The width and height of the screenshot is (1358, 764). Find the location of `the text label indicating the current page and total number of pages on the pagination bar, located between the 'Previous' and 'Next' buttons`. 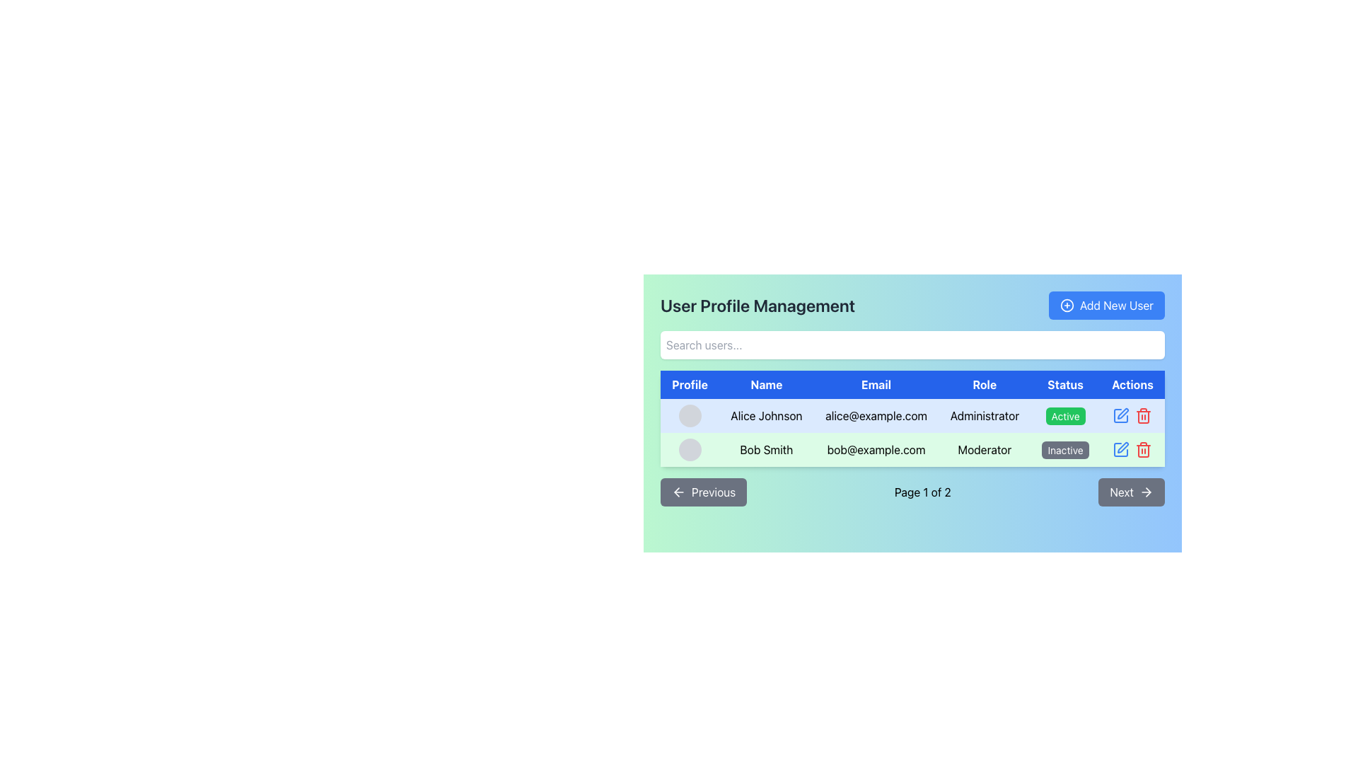

the text label indicating the current page and total number of pages on the pagination bar, located between the 'Previous' and 'Next' buttons is located at coordinates (922, 491).